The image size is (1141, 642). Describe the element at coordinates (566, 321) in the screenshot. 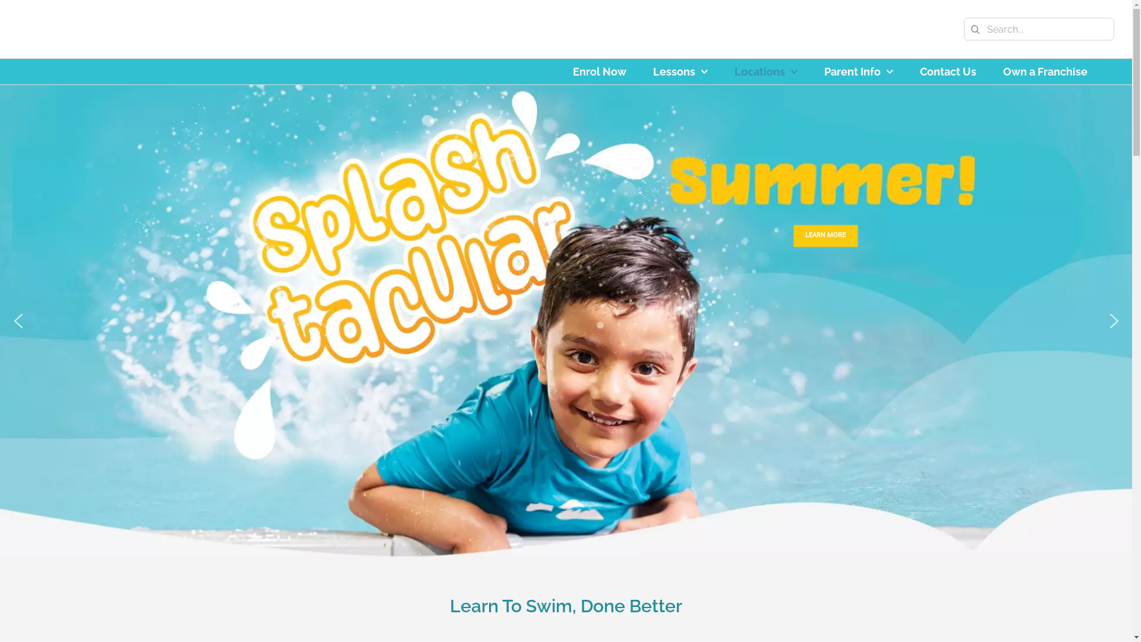

I see `'Splashtacular Summer!'` at that location.